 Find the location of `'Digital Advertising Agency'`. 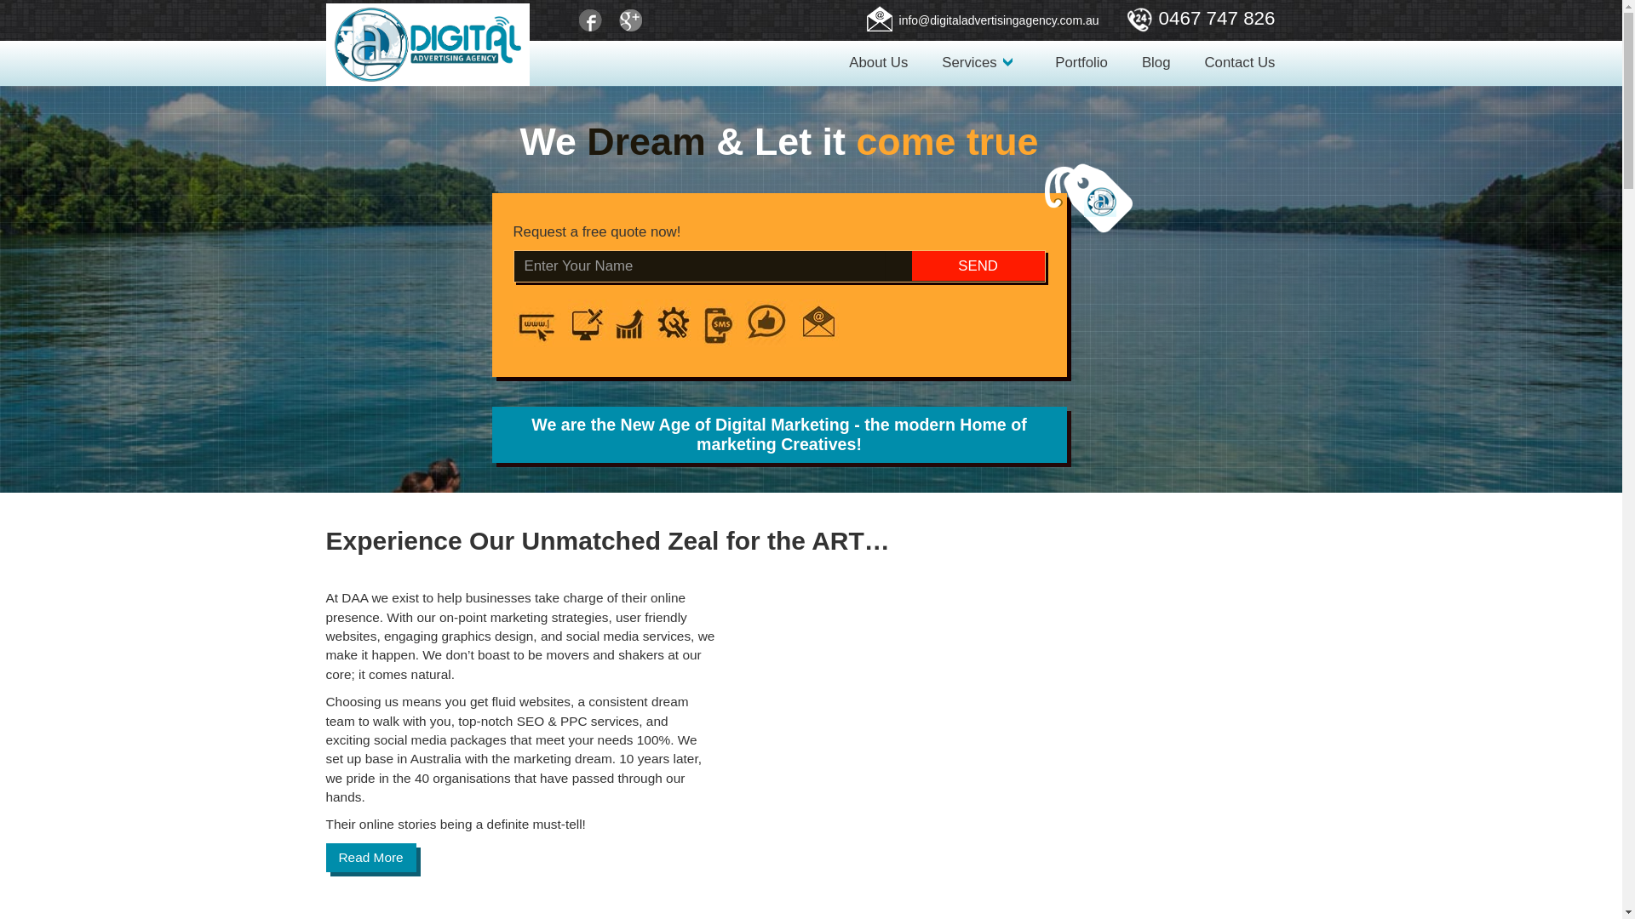

'Digital Advertising Agency' is located at coordinates (427, 43).